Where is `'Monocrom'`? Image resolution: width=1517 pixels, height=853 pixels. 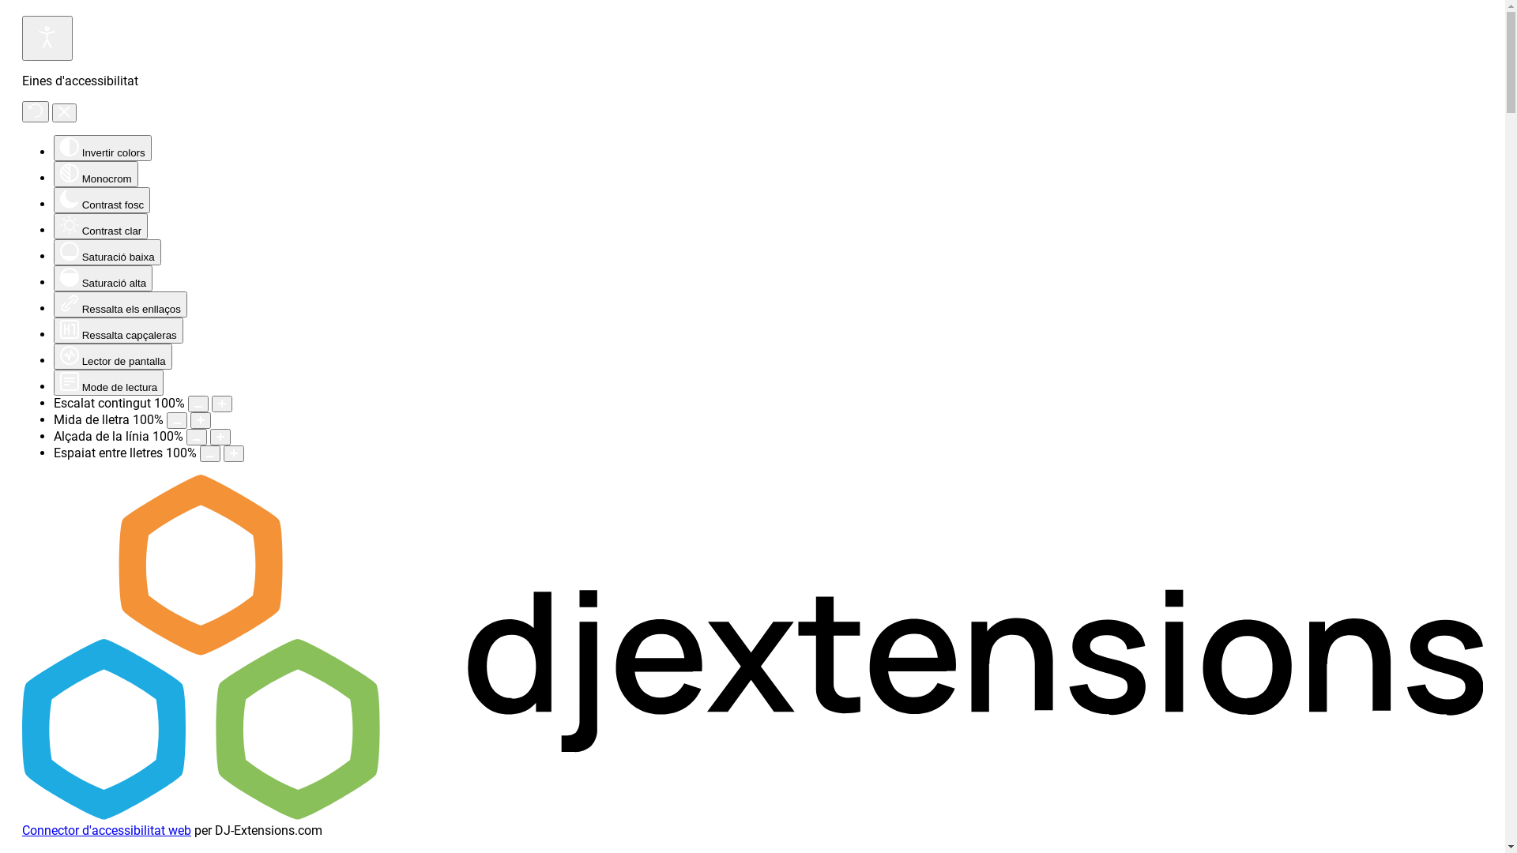
'Monocrom' is located at coordinates (95, 174).